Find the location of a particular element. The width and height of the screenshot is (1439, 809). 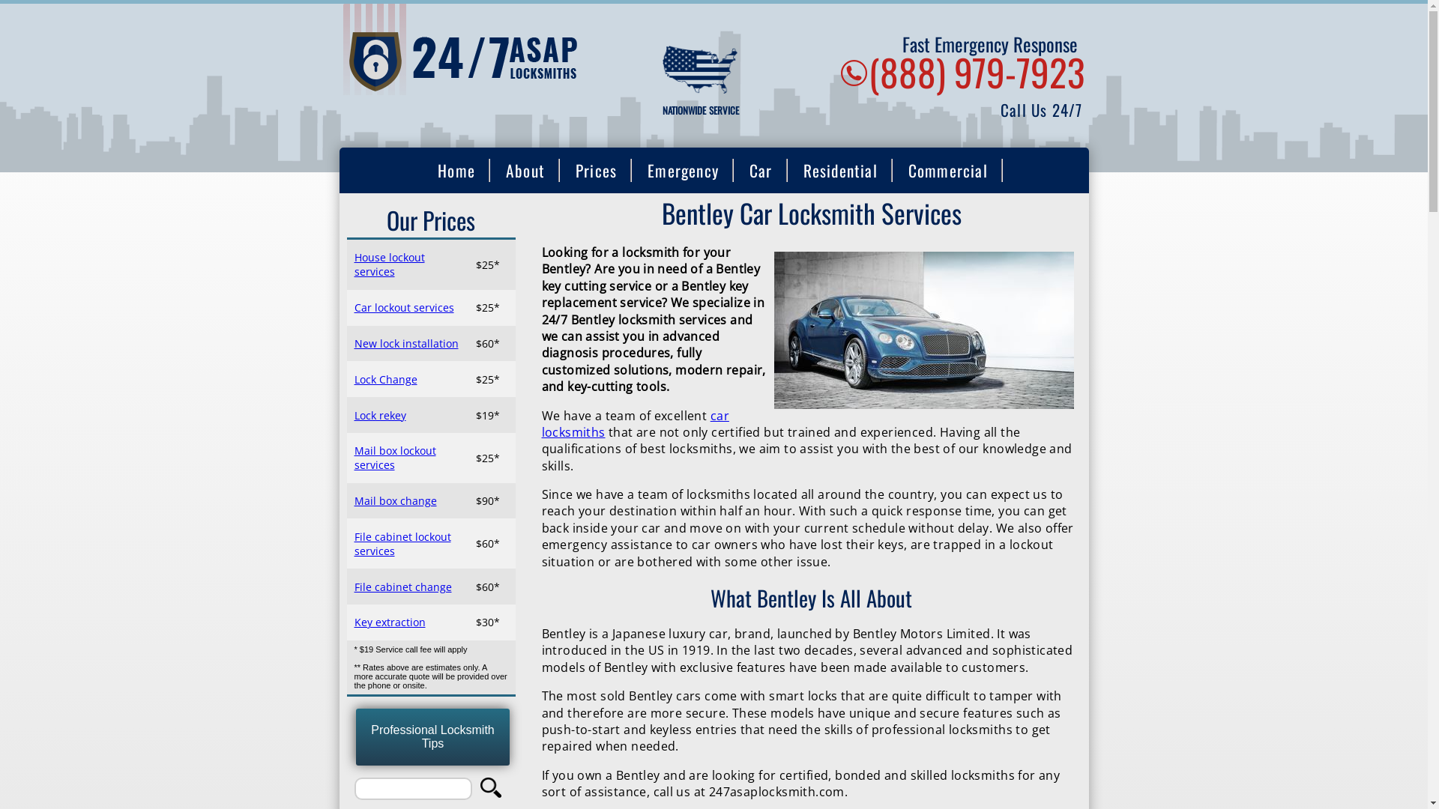

'New lock installation' is located at coordinates (352, 343).